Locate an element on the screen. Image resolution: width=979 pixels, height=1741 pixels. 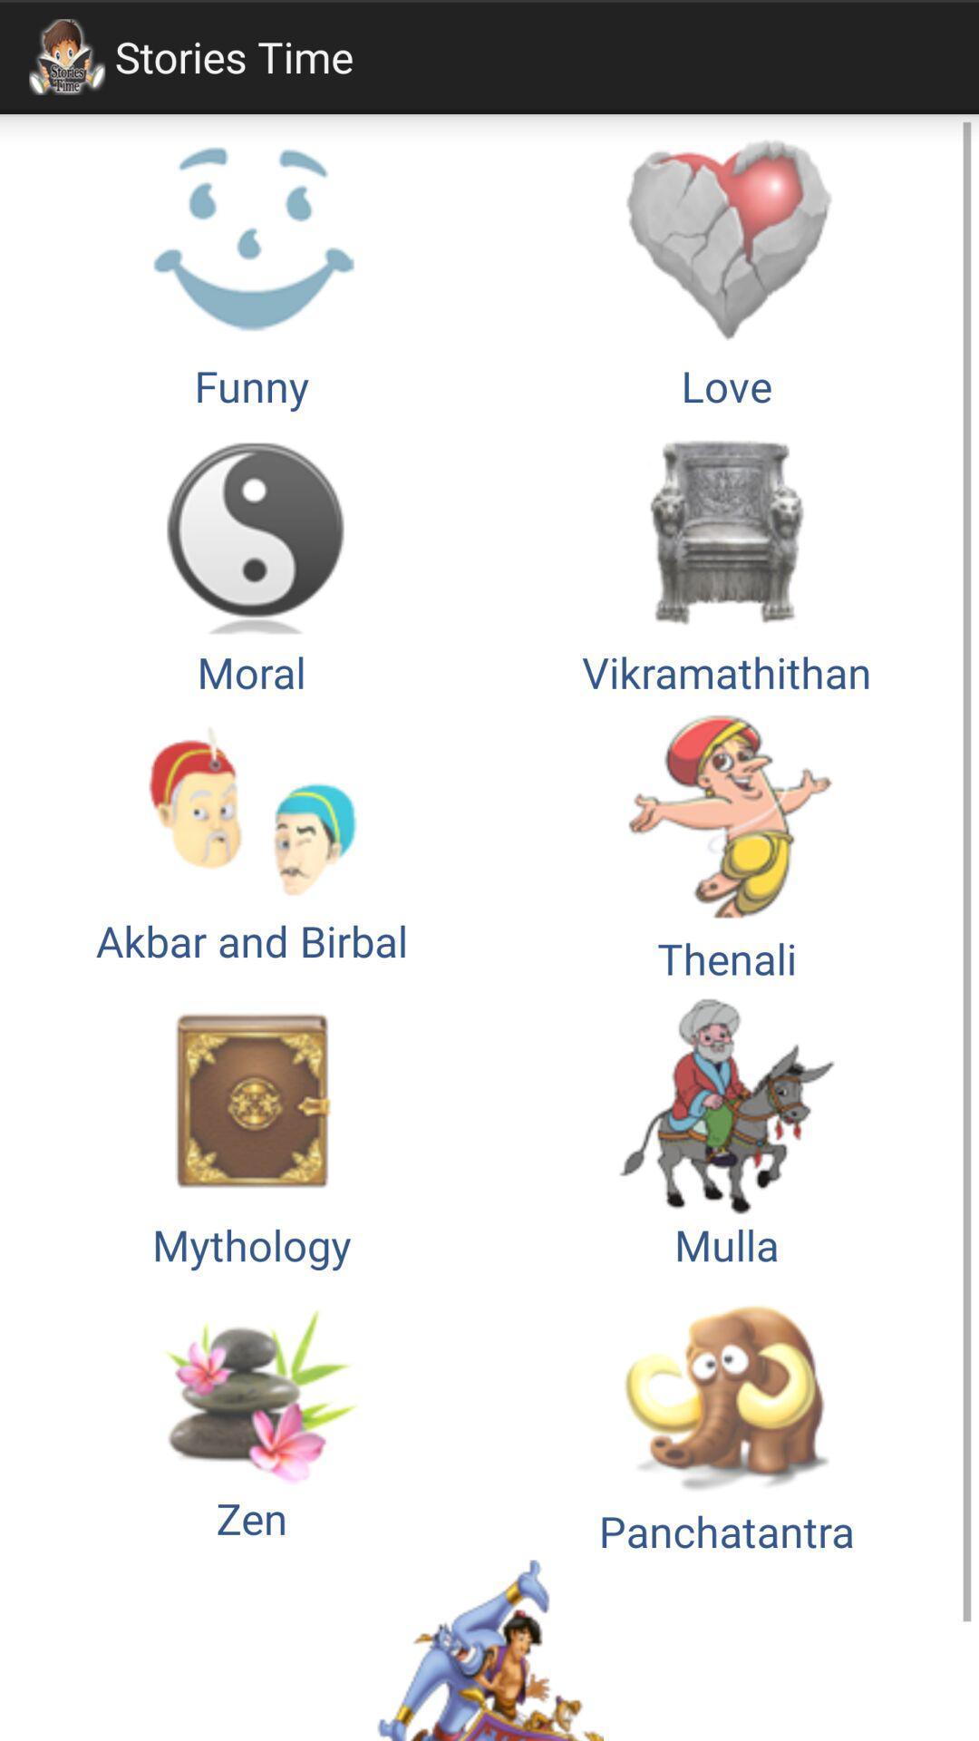
the image which is below zen and panchatantra images is located at coordinates (489, 1650).